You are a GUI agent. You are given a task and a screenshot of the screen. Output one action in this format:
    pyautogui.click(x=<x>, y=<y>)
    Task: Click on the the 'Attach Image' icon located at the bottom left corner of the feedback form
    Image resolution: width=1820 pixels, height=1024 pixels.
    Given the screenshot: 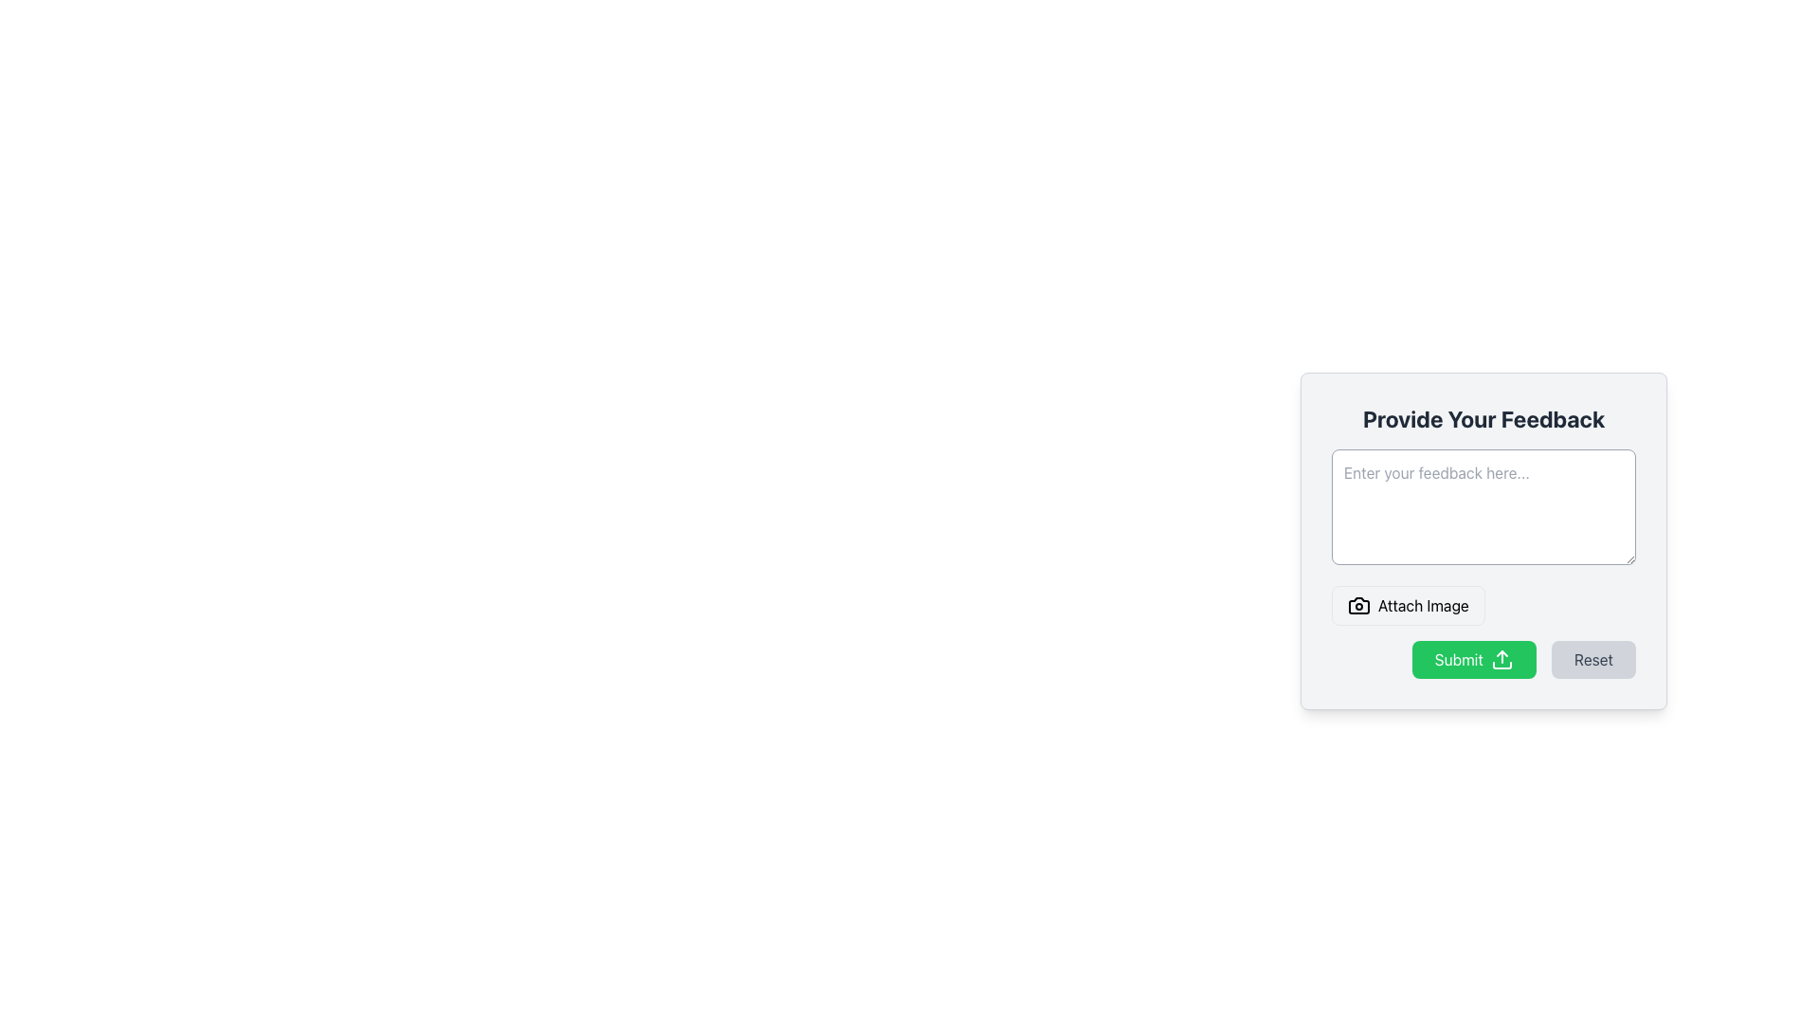 What is the action you would take?
    pyautogui.click(x=1358, y=606)
    